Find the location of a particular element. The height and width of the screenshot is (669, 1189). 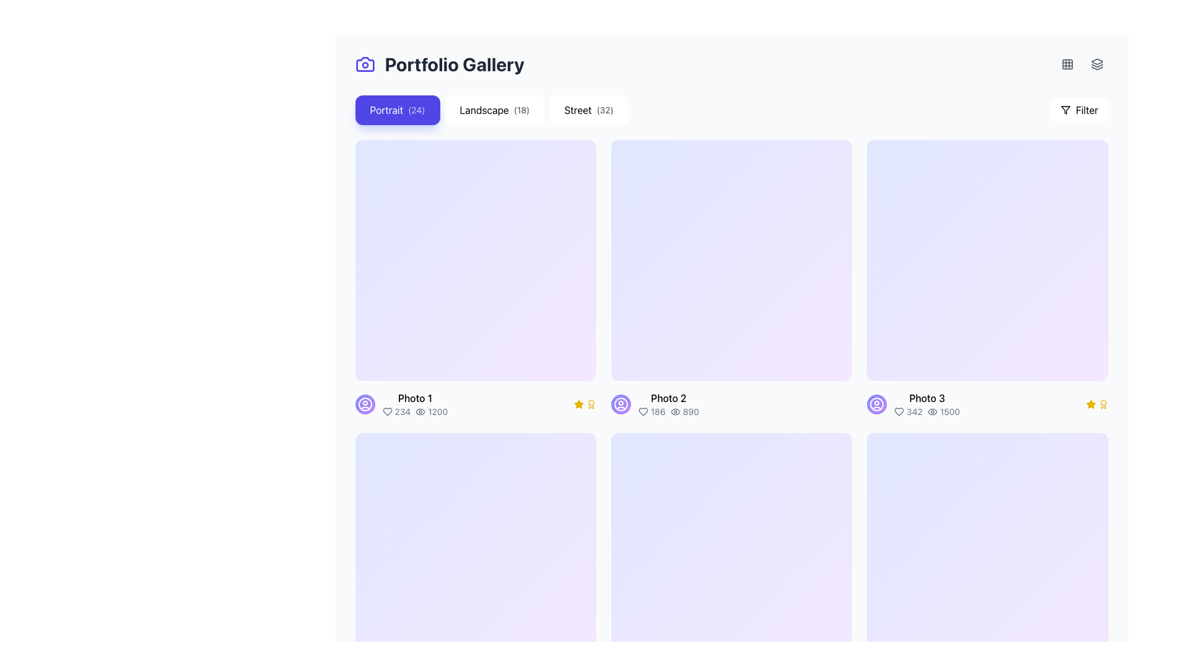

the 'Landscape (18)' button, which is a rectangular button with a white background and rounded corners, located below the 'Portfolio Gallery' title, between the 'Portrait (24)' and 'Street (32)' buttons is located at coordinates (494, 109).